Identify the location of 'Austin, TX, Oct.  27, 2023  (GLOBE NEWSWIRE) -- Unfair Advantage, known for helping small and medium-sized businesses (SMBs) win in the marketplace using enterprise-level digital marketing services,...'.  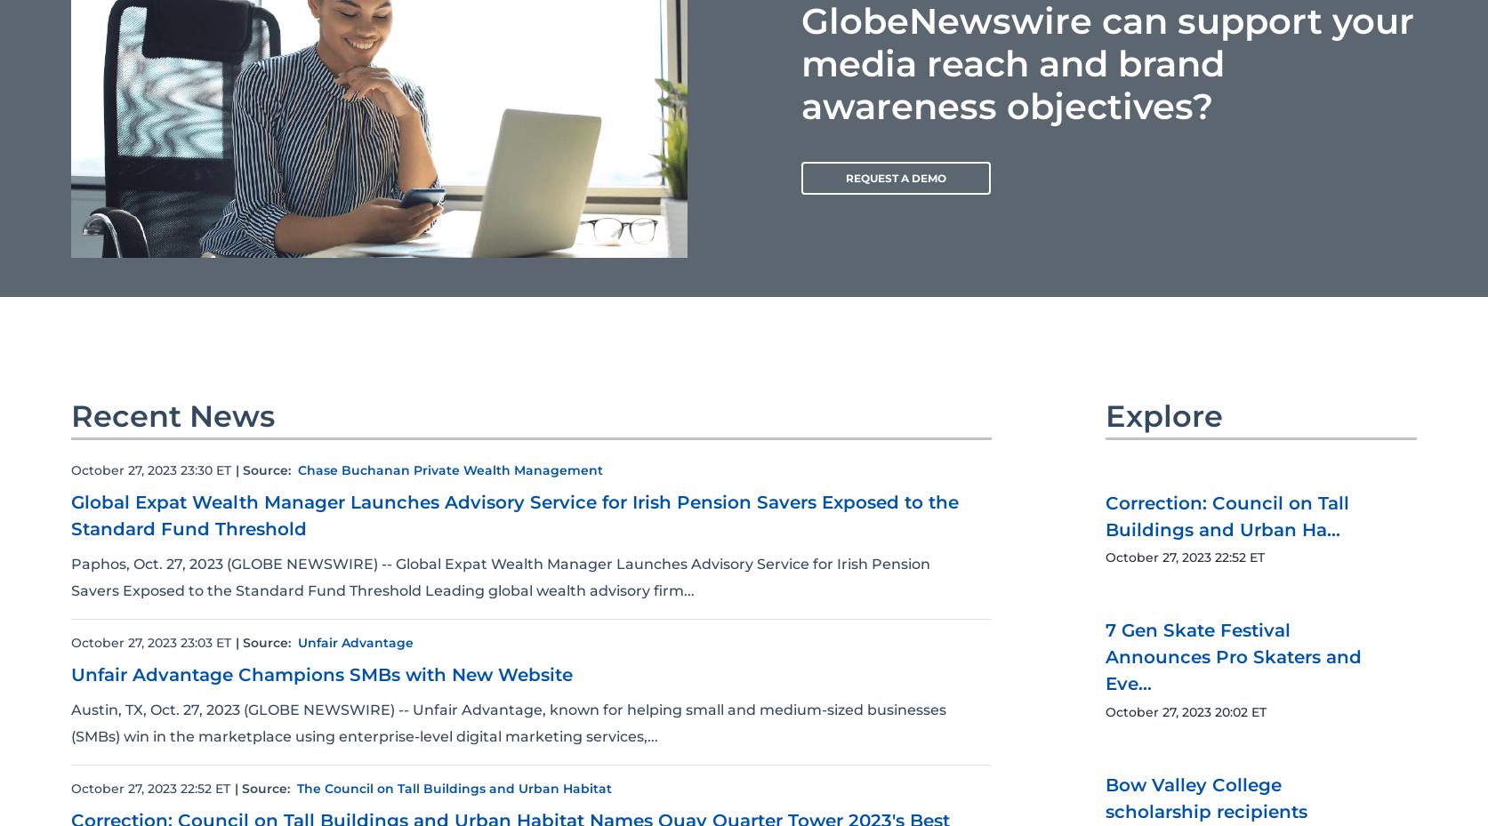
(508, 721).